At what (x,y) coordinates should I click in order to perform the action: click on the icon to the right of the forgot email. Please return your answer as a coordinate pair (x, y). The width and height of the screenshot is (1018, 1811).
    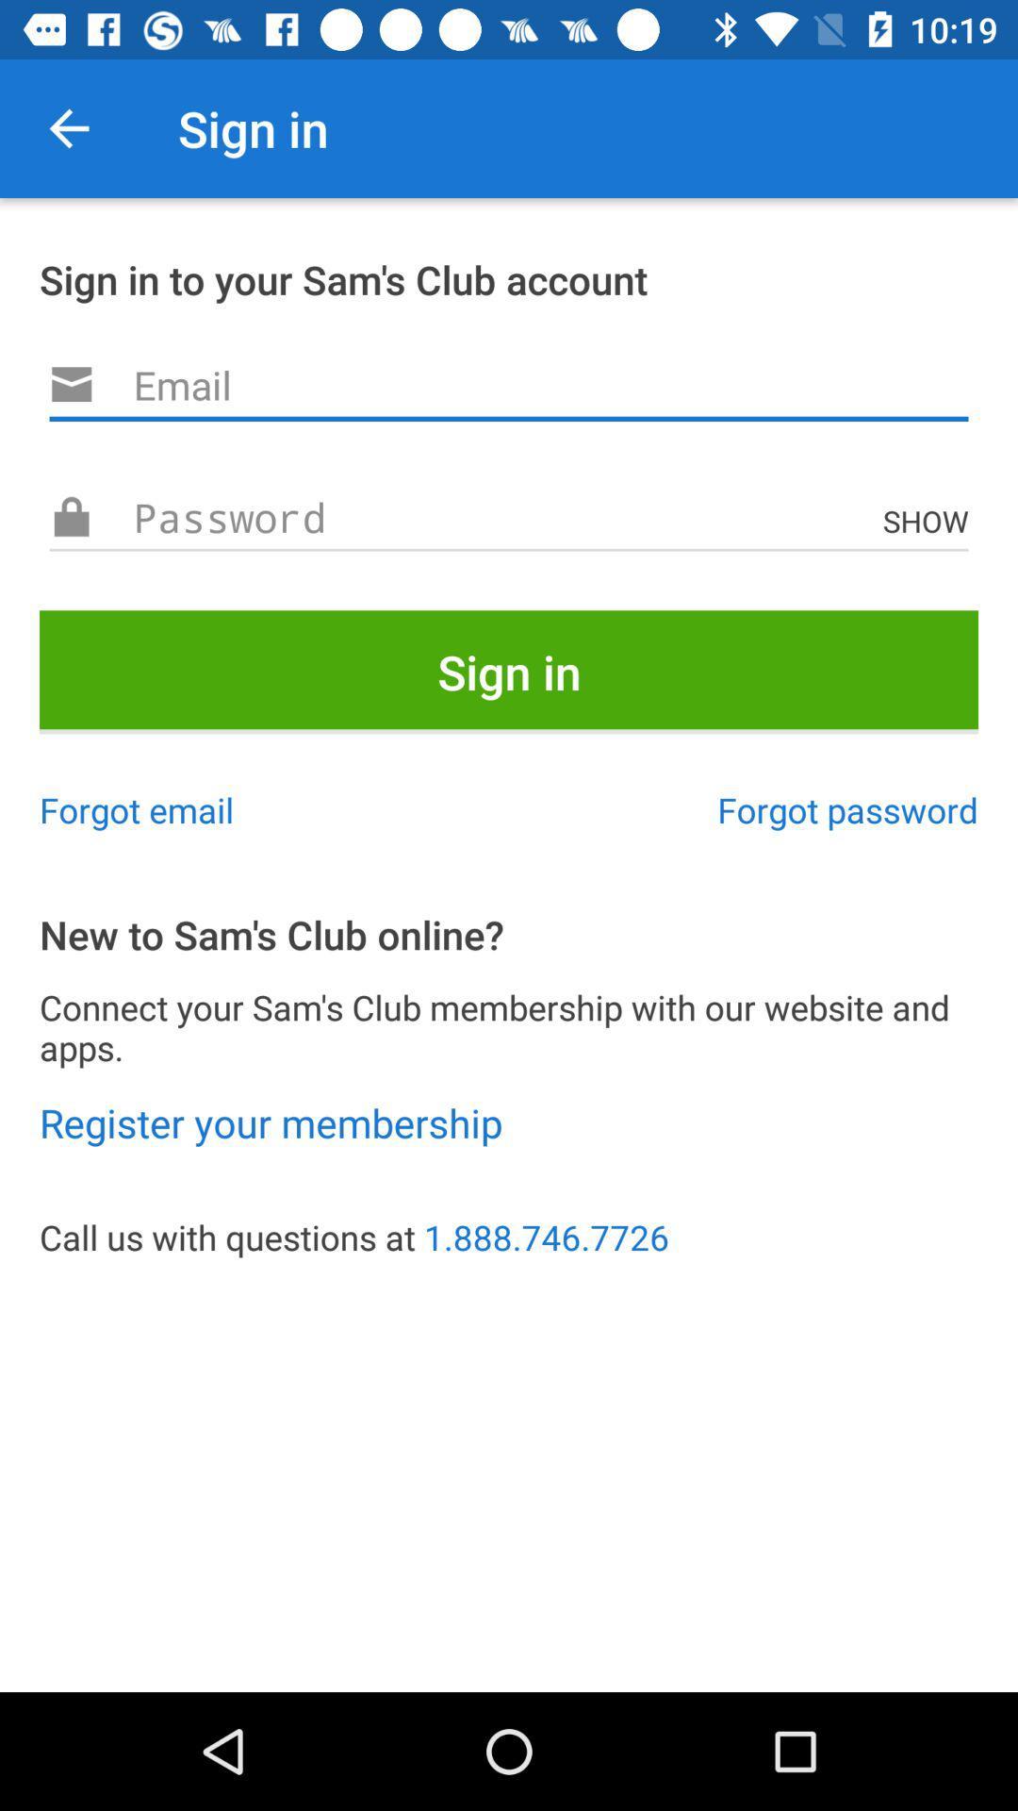
    Looking at the image, I should click on (846, 809).